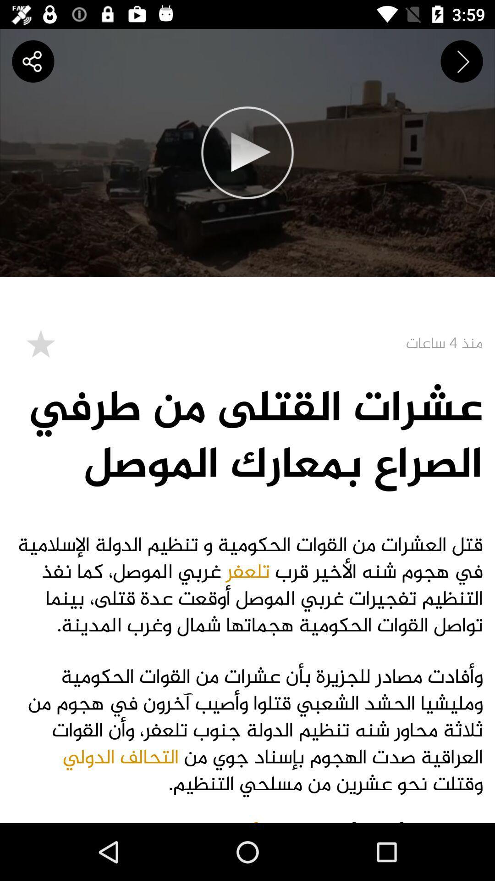 This screenshot has height=881, width=495. I want to click on the next icon on top right hand side  below time, so click(462, 61).